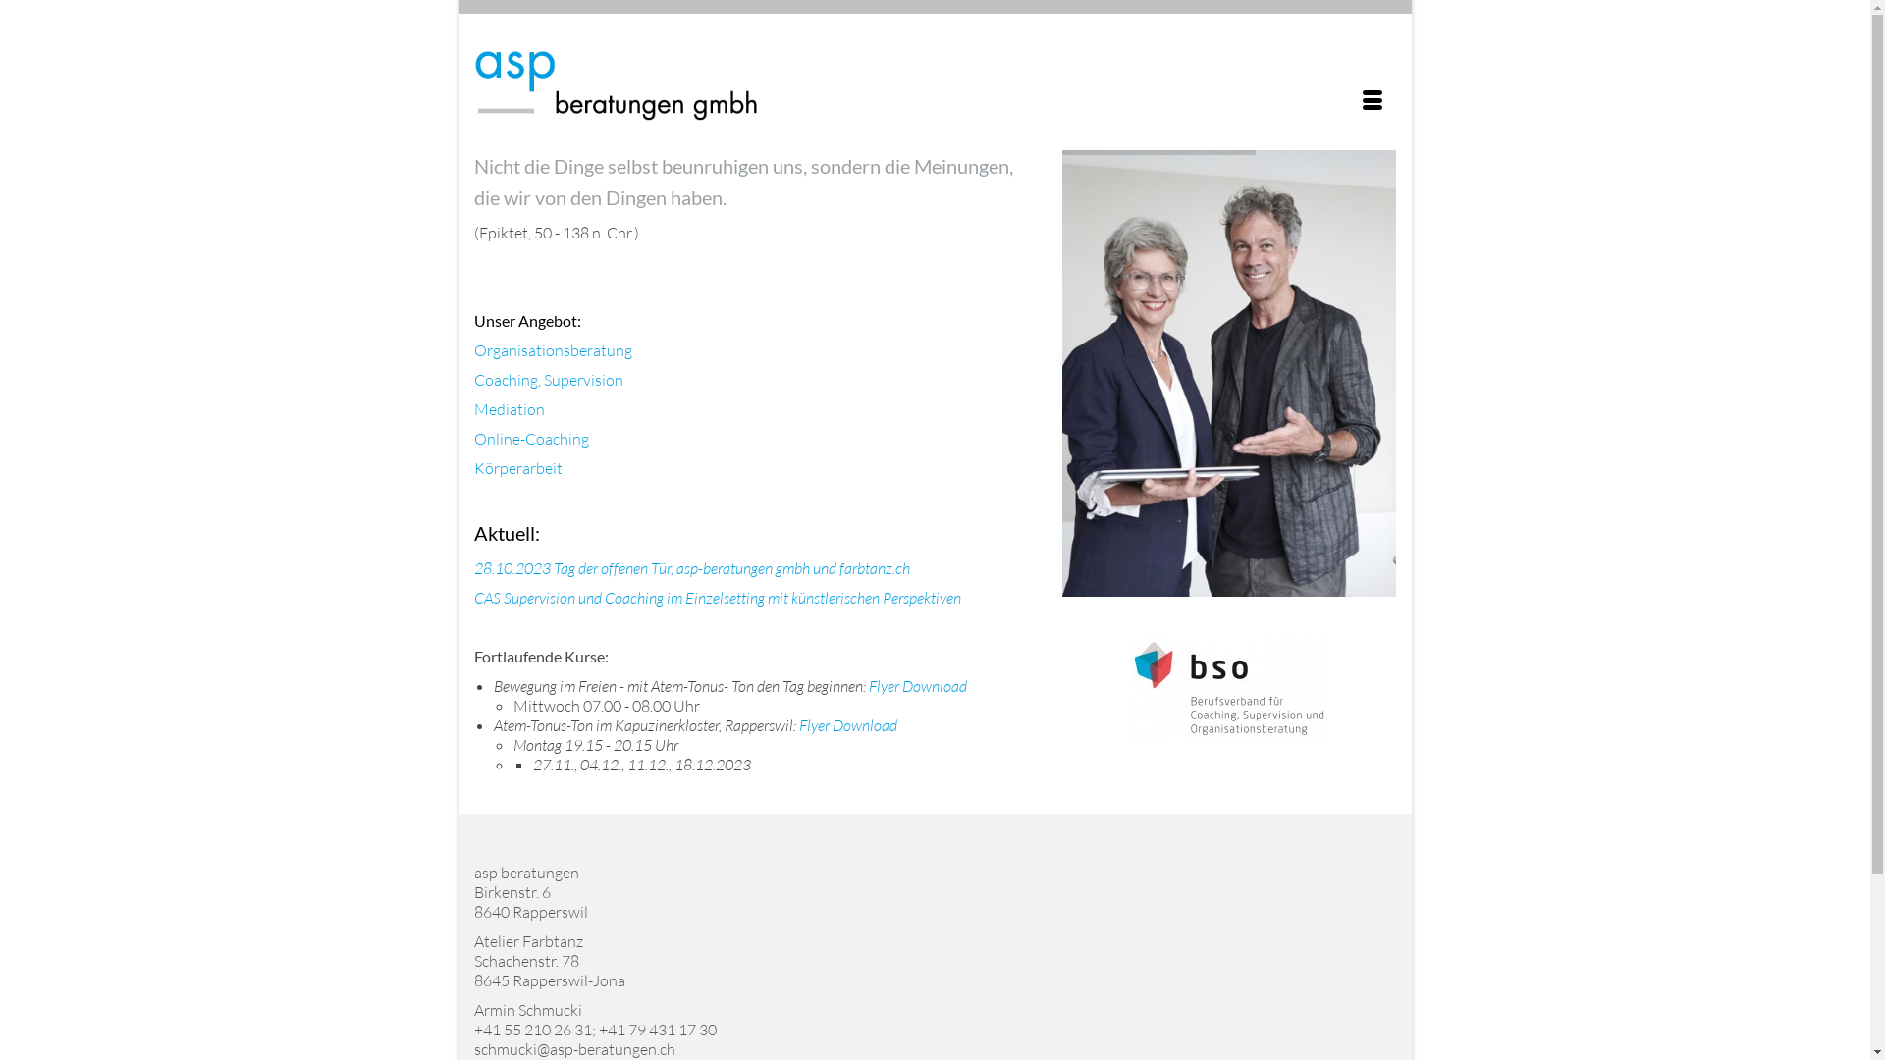 This screenshot has width=1885, height=1060. What do you see at coordinates (848, 725) in the screenshot?
I see `'Flyer Download'` at bounding box center [848, 725].